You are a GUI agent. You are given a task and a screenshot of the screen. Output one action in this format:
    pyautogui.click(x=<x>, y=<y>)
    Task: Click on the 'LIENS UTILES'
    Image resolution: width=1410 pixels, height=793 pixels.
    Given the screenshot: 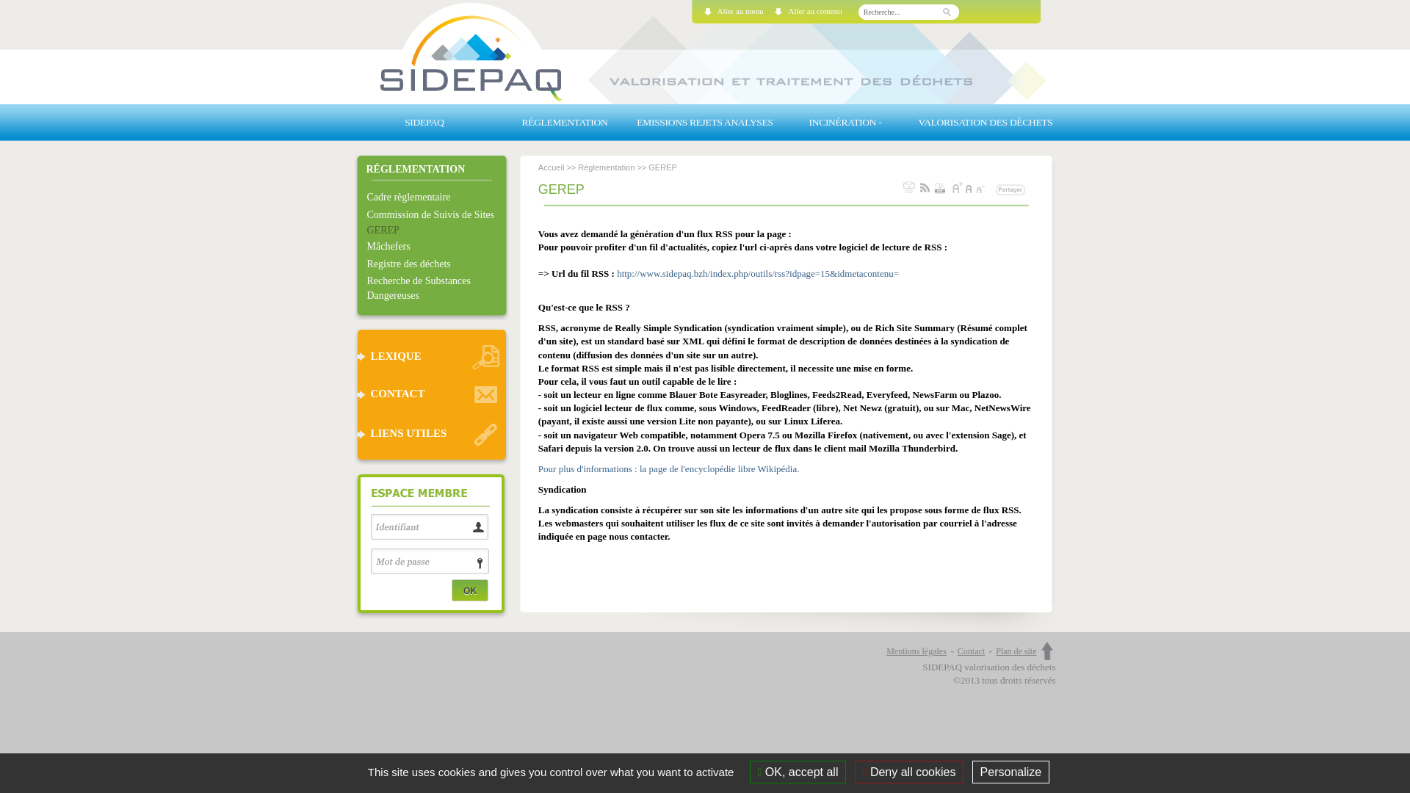 What is the action you would take?
    pyautogui.click(x=430, y=433)
    